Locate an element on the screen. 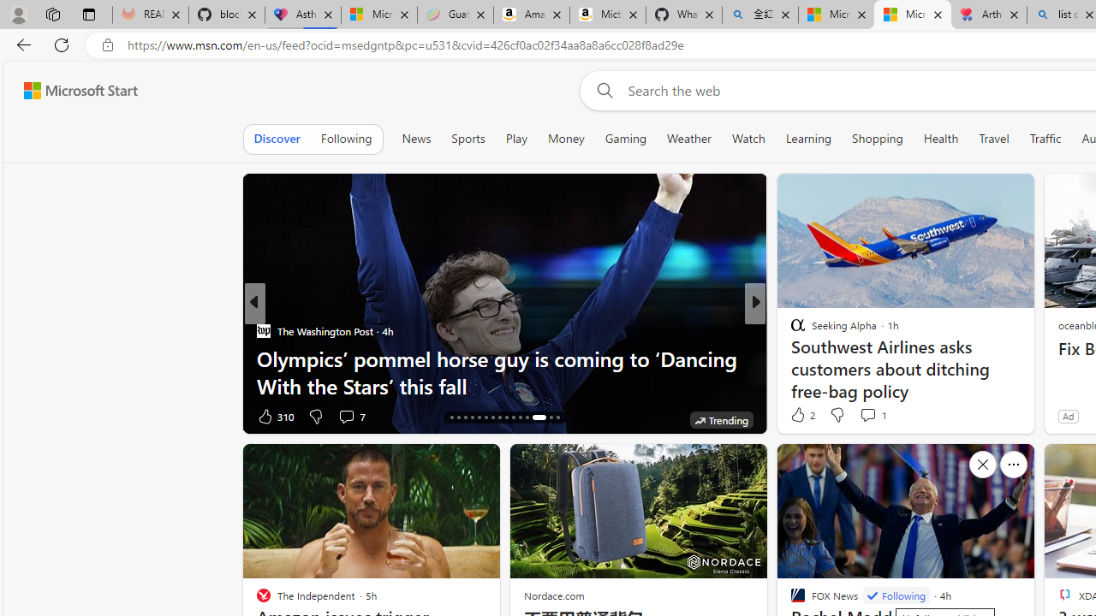 The height and width of the screenshot is (616, 1096). 'AutomationID: tab-30' is located at coordinates (557, 418).